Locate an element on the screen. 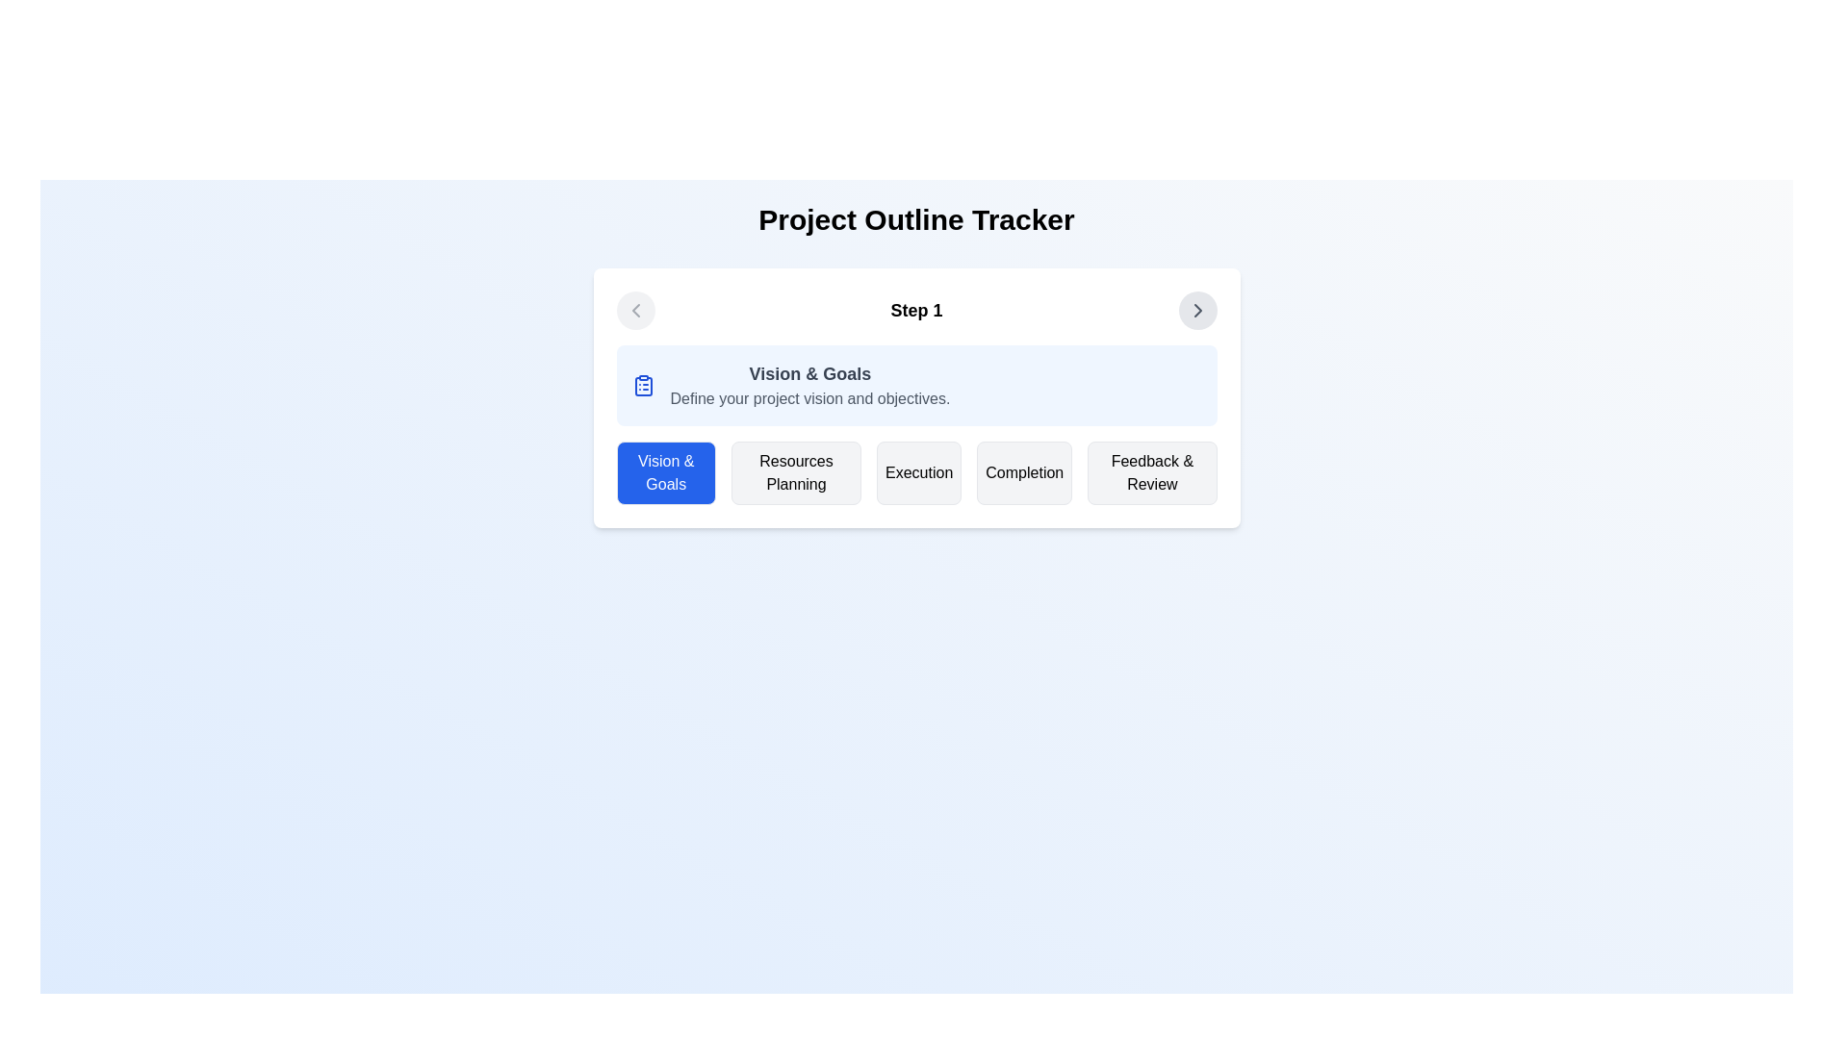  the icon that visually indicates the 'Vision & Goals' section, which is located in the top-left corner of the blue-highlighted box labeled 'Vision & Goals' is located at coordinates (643, 386).